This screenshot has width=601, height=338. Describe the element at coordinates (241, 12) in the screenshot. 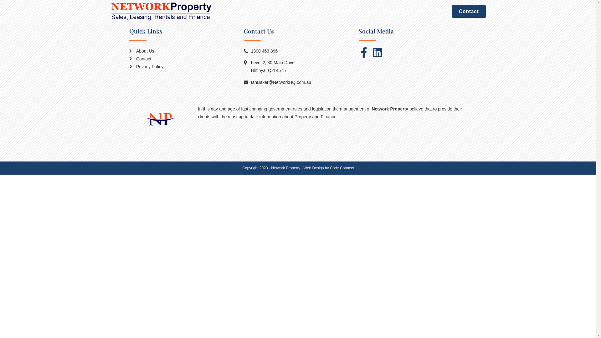

I see `'Home'` at that location.